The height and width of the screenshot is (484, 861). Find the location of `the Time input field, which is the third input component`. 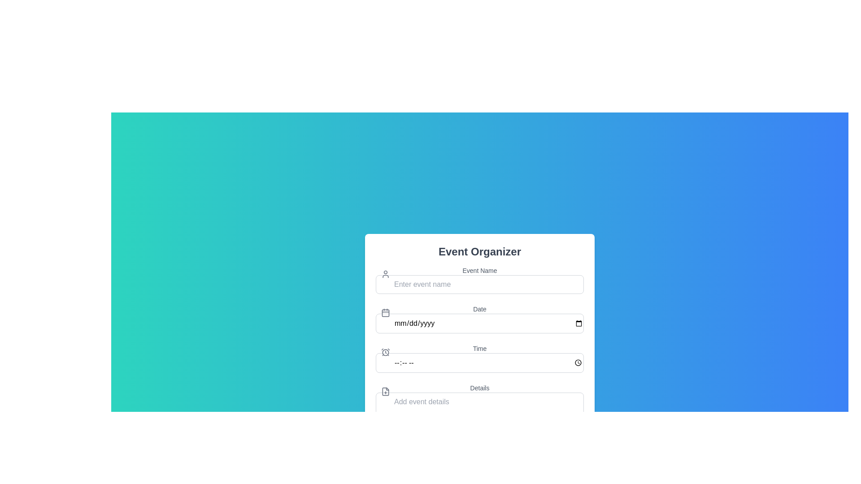

the Time input field, which is the third input component is located at coordinates (479, 365).